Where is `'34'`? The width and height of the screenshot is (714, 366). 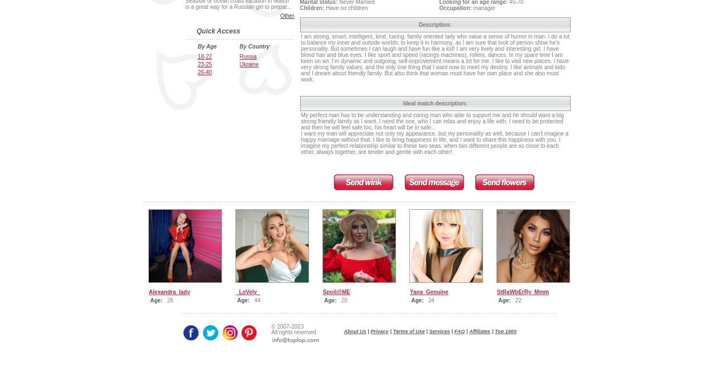 '34' is located at coordinates (430, 300).